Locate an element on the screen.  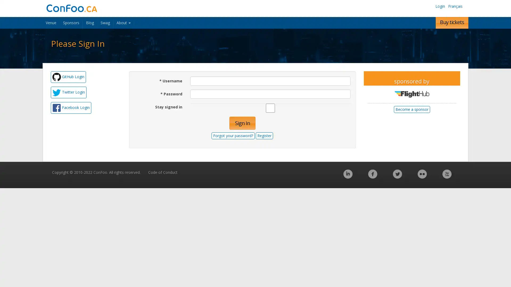
Sign In is located at coordinates (242, 123).